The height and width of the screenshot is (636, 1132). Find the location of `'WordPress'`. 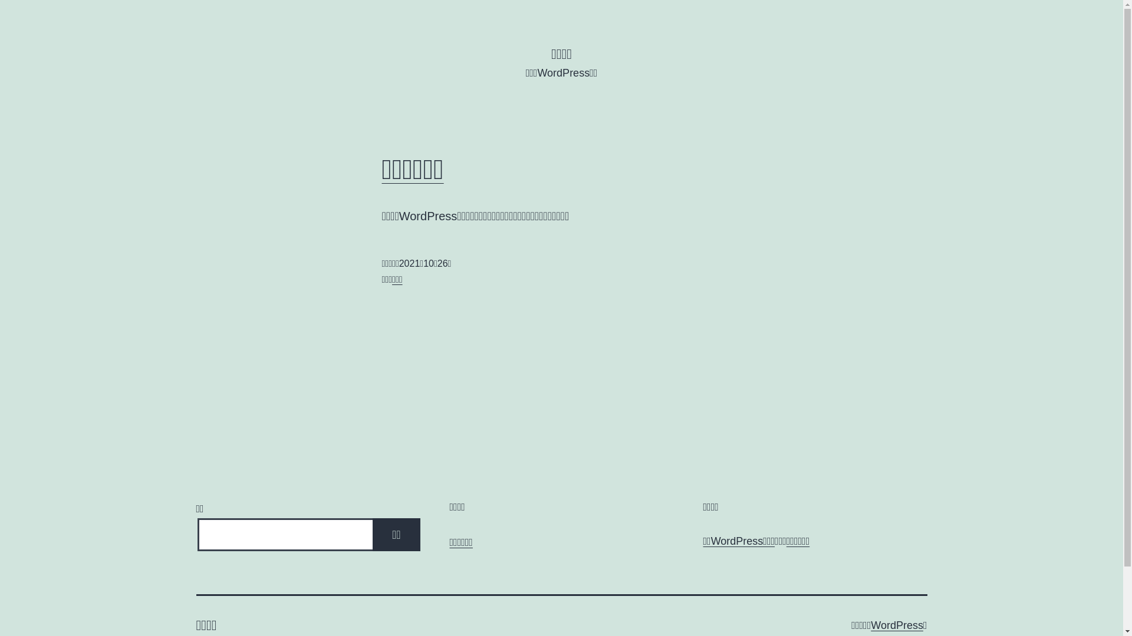

'WordPress' is located at coordinates (896, 624).